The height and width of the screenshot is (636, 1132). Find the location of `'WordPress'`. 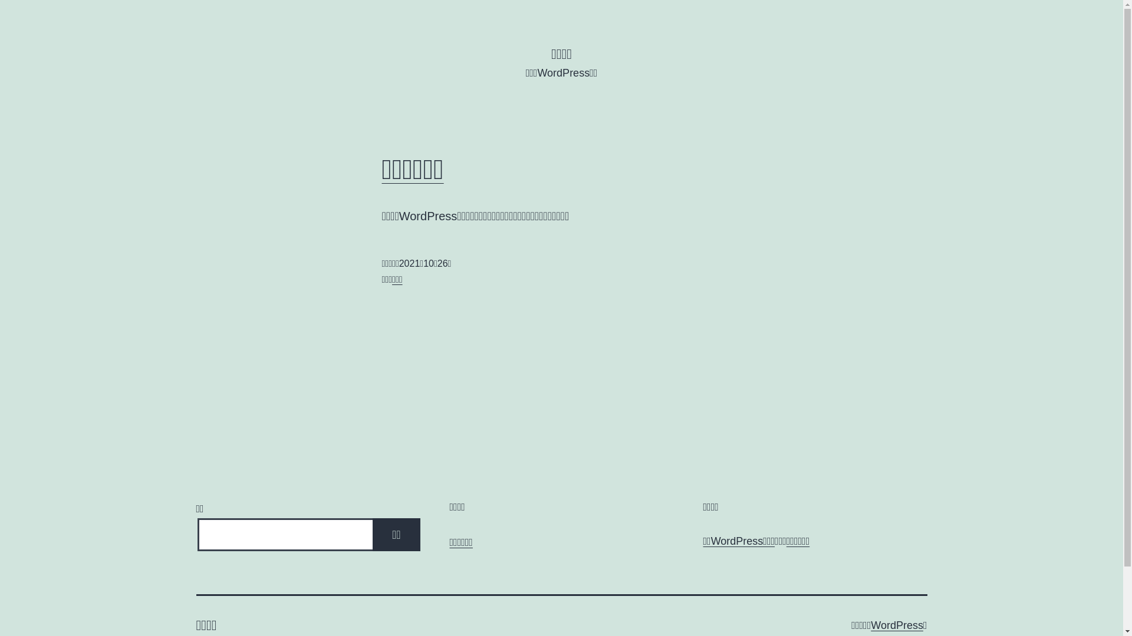

'WordPress' is located at coordinates (896, 624).